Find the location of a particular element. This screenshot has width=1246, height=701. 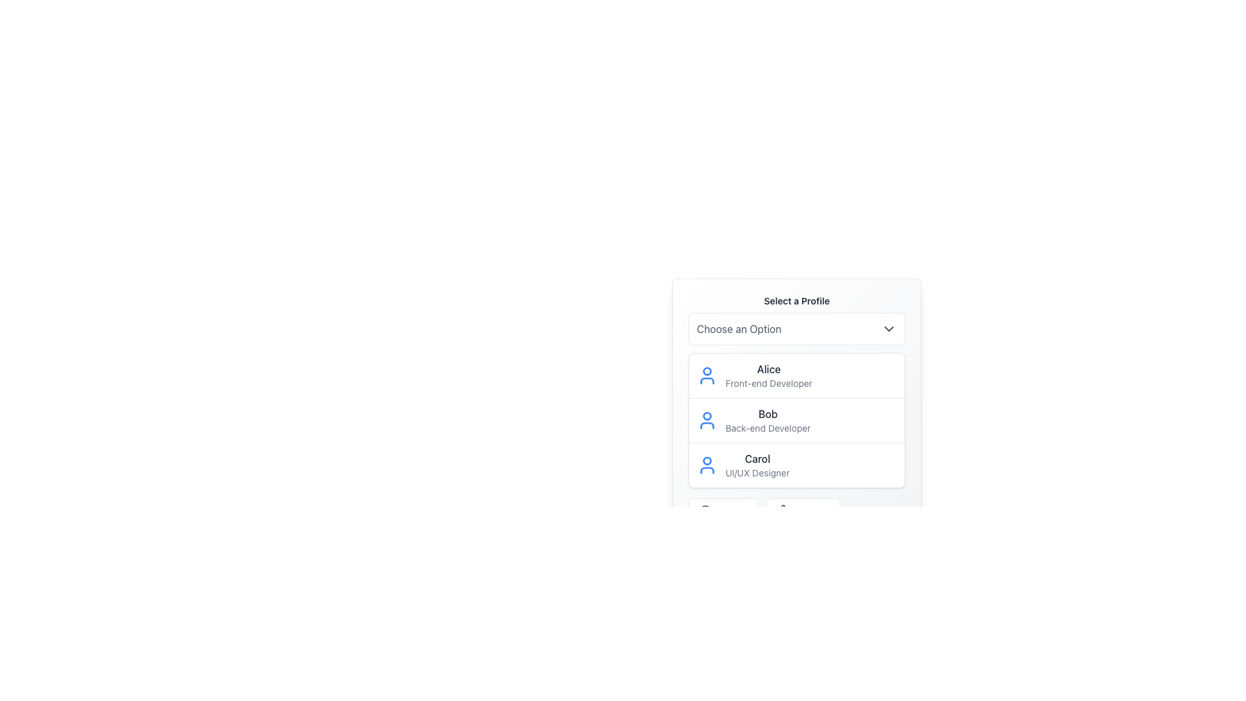

the list item for 'Bob - Back-end Developer' in the 'Select a Profile' dropdown menu is located at coordinates (796, 421).